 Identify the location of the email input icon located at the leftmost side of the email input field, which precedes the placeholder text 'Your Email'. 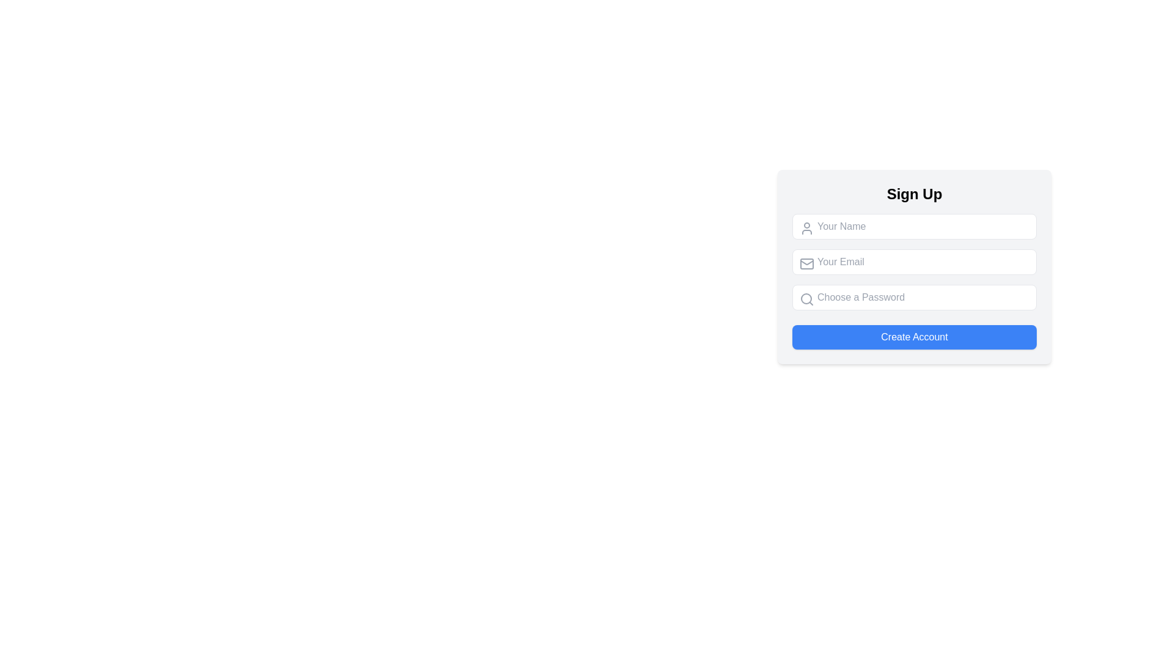
(806, 263).